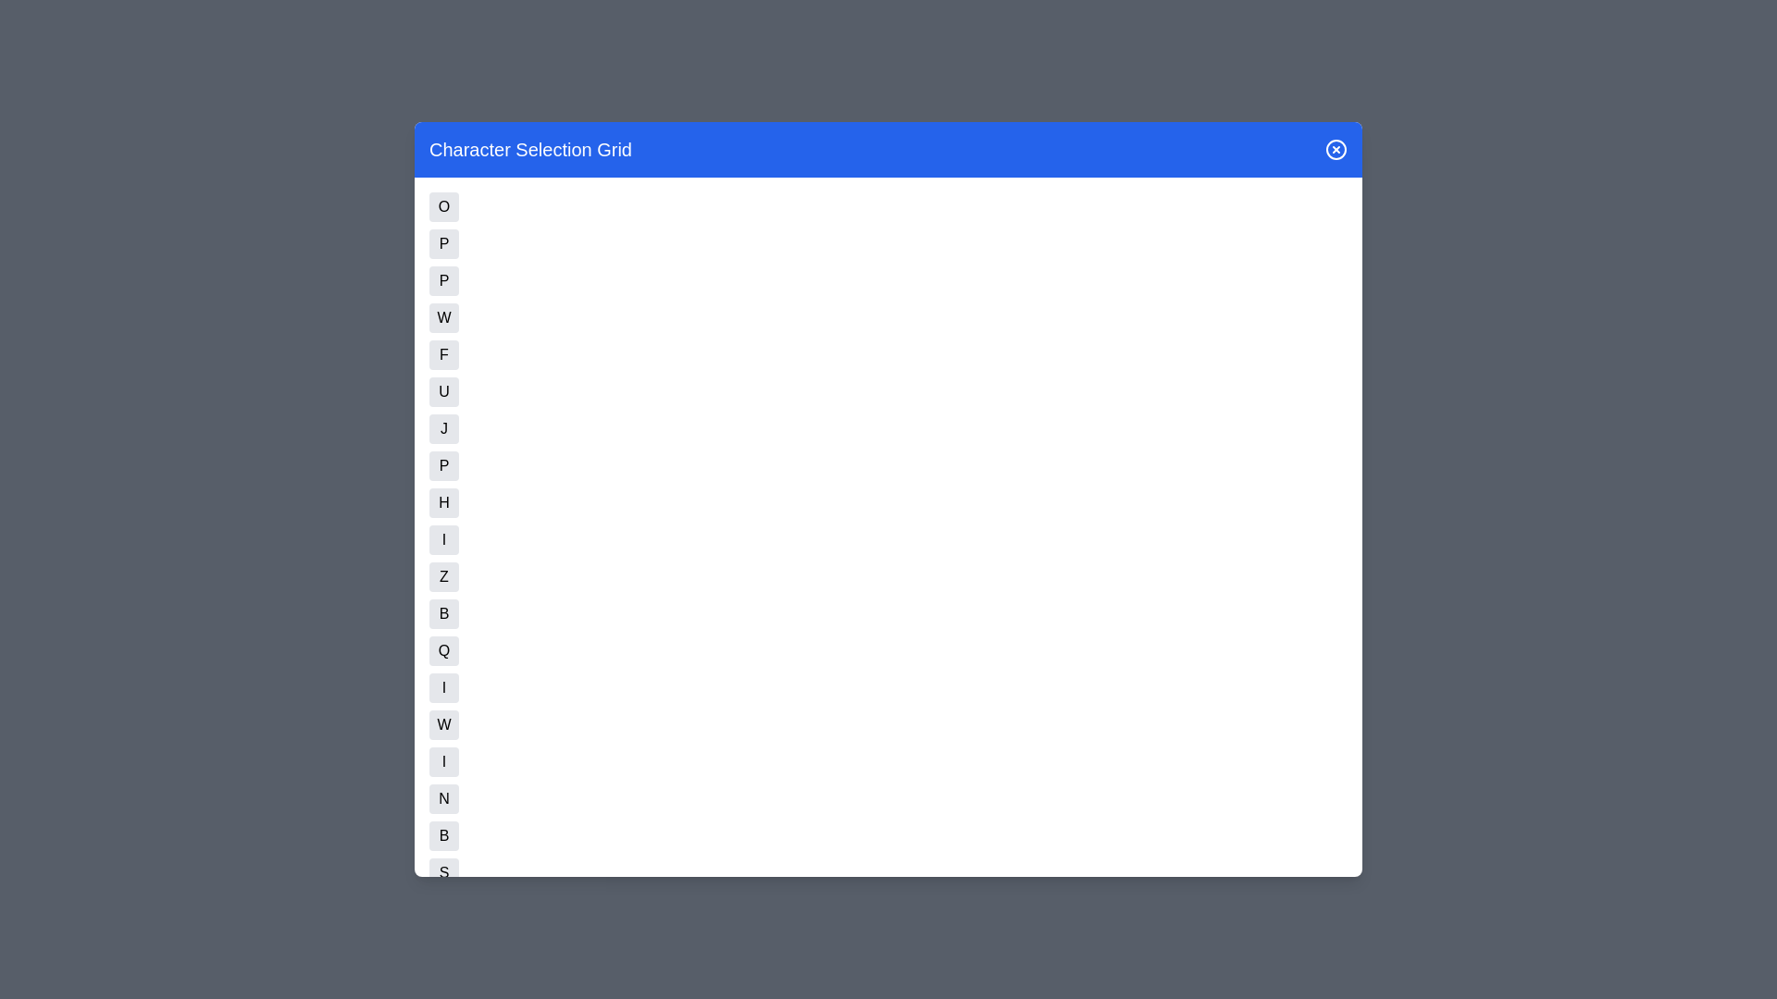  What do you see at coordinates (444, 391) in the screenshot?
I see `the button corresponding to character U` at bounding box center [444, 391].